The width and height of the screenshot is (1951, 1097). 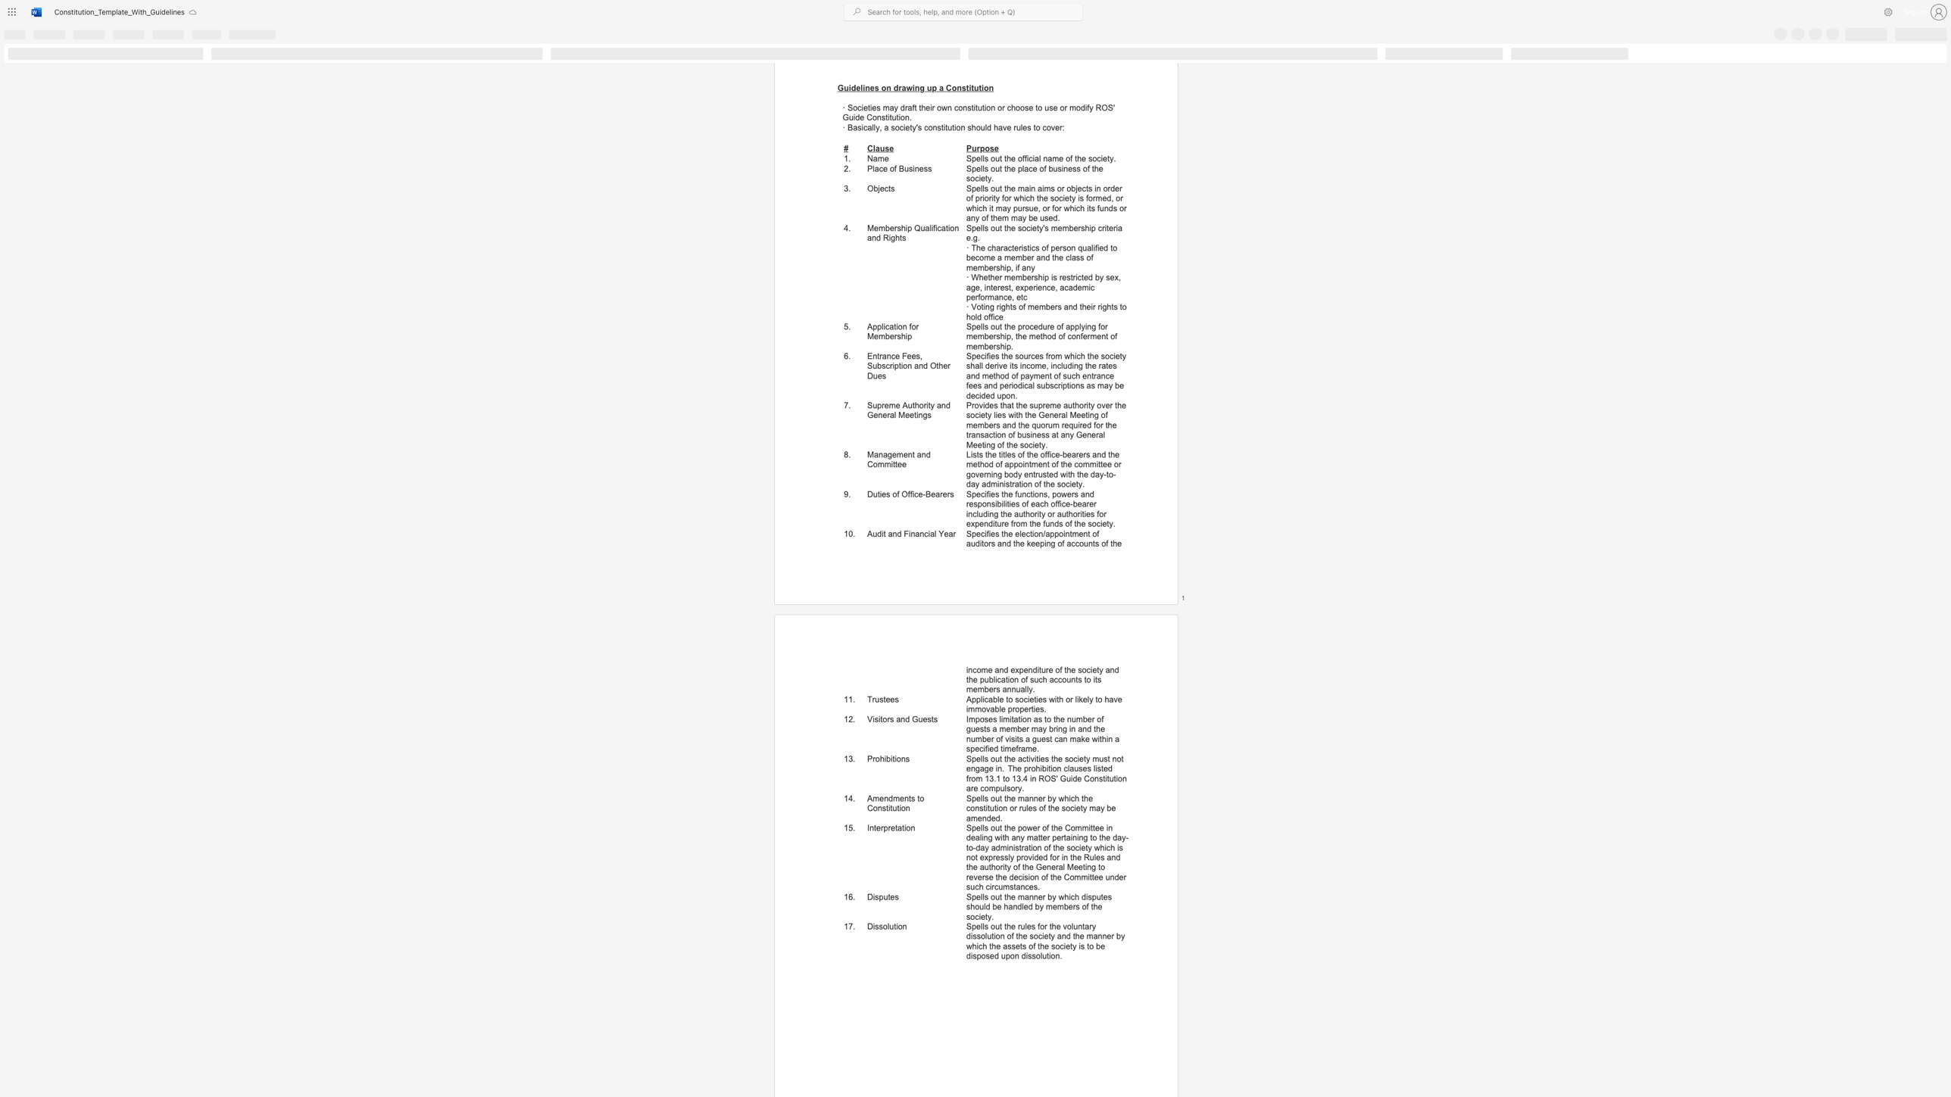 What do you see at coordinates (879, 127) in the screenshot?
I see `the subset text ", a society" within the text "· Basically, a society"` at bounding box center [879, 127].